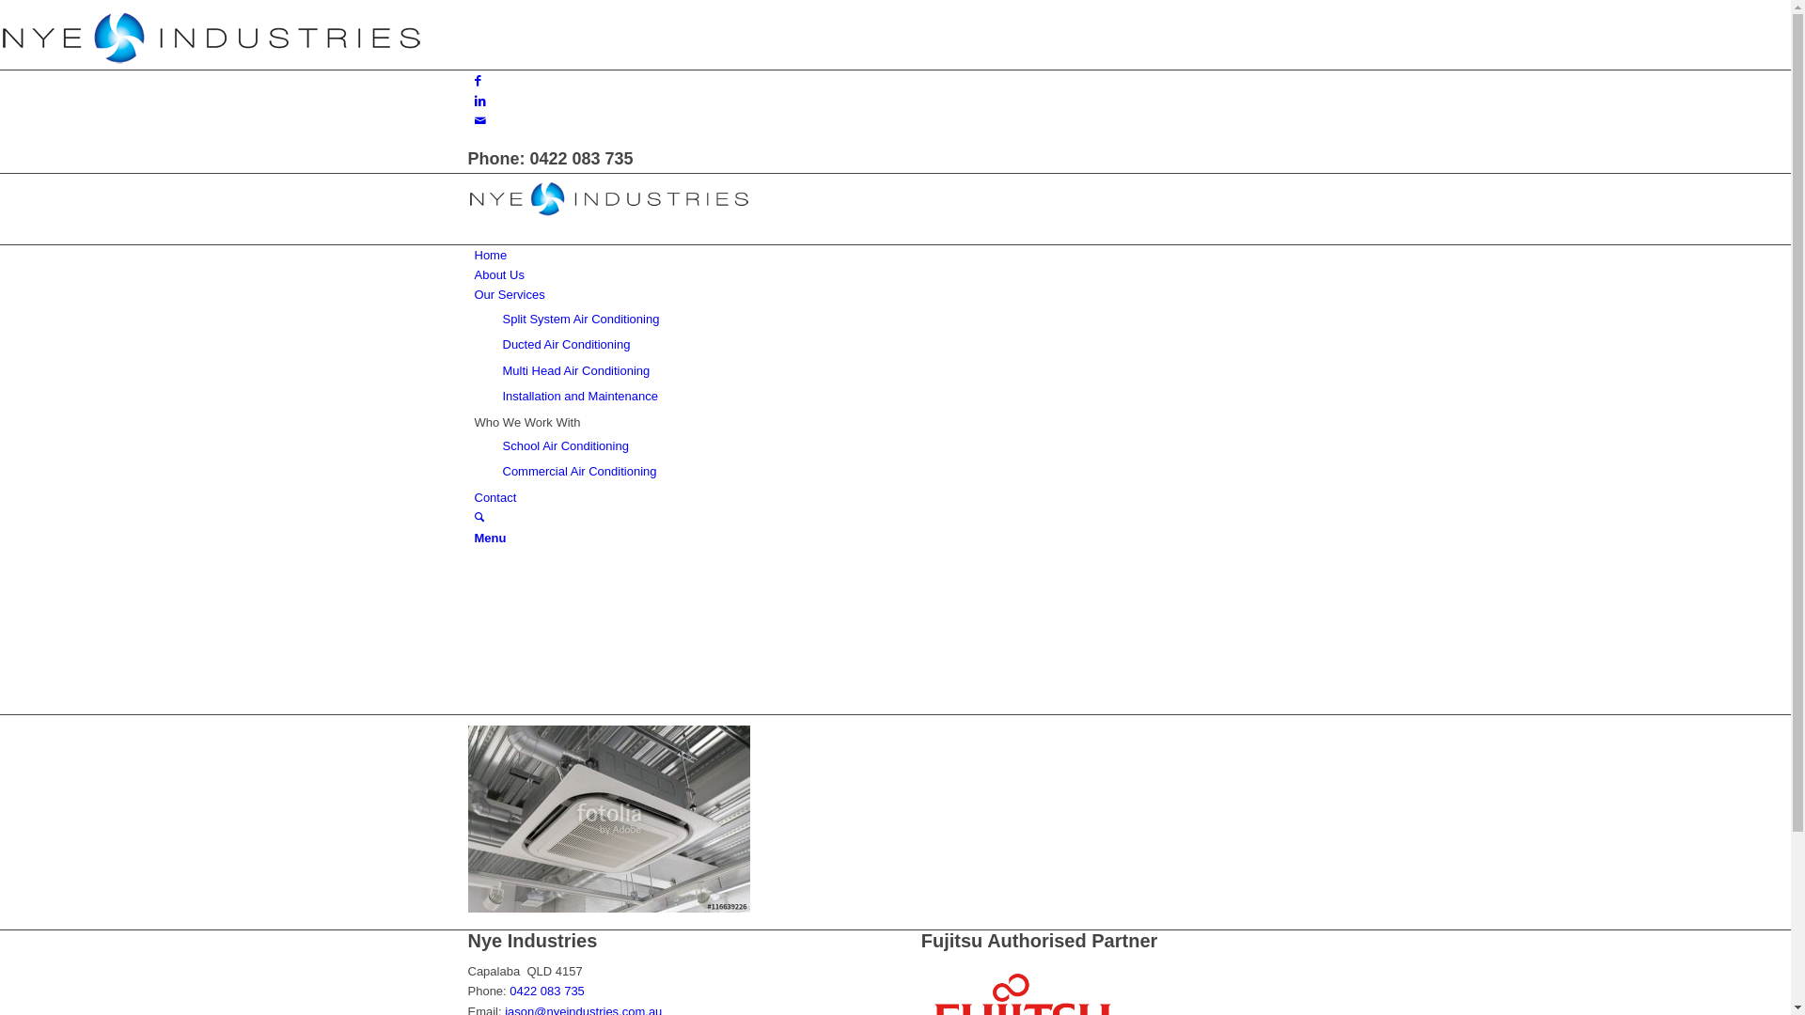 This screenshot has height=1015, width=1805. What do you see at coordinates (526, 421) in the screenshot?
I see `'Who We Work With'` at bounding box center [526, 421].